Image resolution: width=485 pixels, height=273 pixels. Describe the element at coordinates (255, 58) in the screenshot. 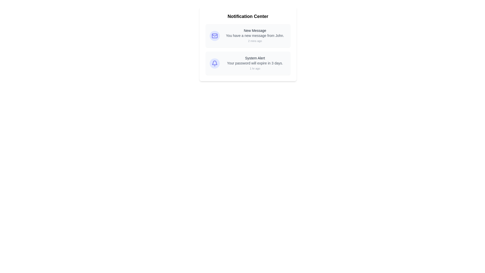

I see `the text label displaying 'System Alert' in a medium gray font, located at the top of the second notification block` at that location.